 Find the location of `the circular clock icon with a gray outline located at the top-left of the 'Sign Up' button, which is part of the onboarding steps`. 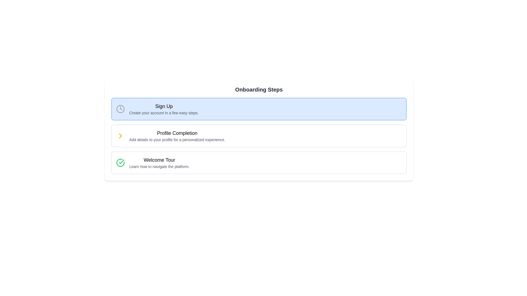

the circular clock icon with a gray outline located at the top-left of the 'Sign Up' button, which is part of the onboarding steps is located at coordinates (120, 109).